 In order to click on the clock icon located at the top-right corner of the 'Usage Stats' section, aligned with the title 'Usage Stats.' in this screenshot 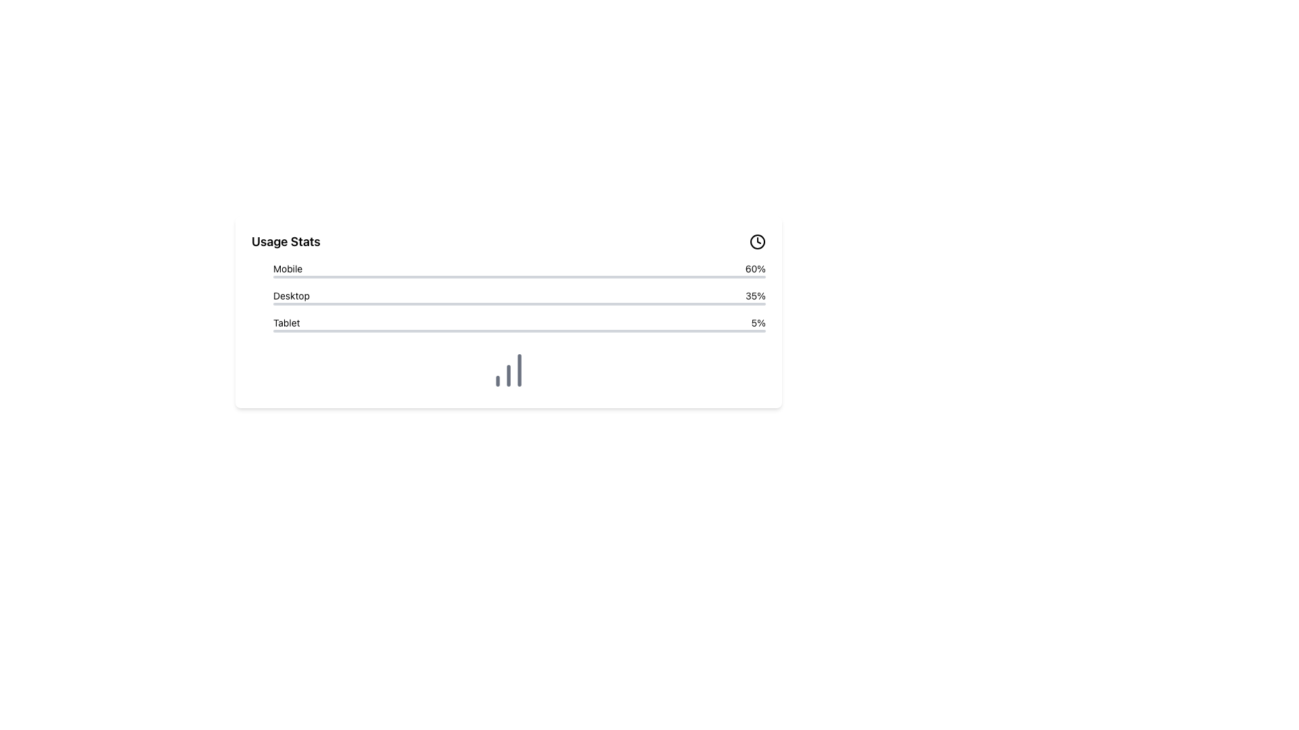, I will do `click(756, 241)`.